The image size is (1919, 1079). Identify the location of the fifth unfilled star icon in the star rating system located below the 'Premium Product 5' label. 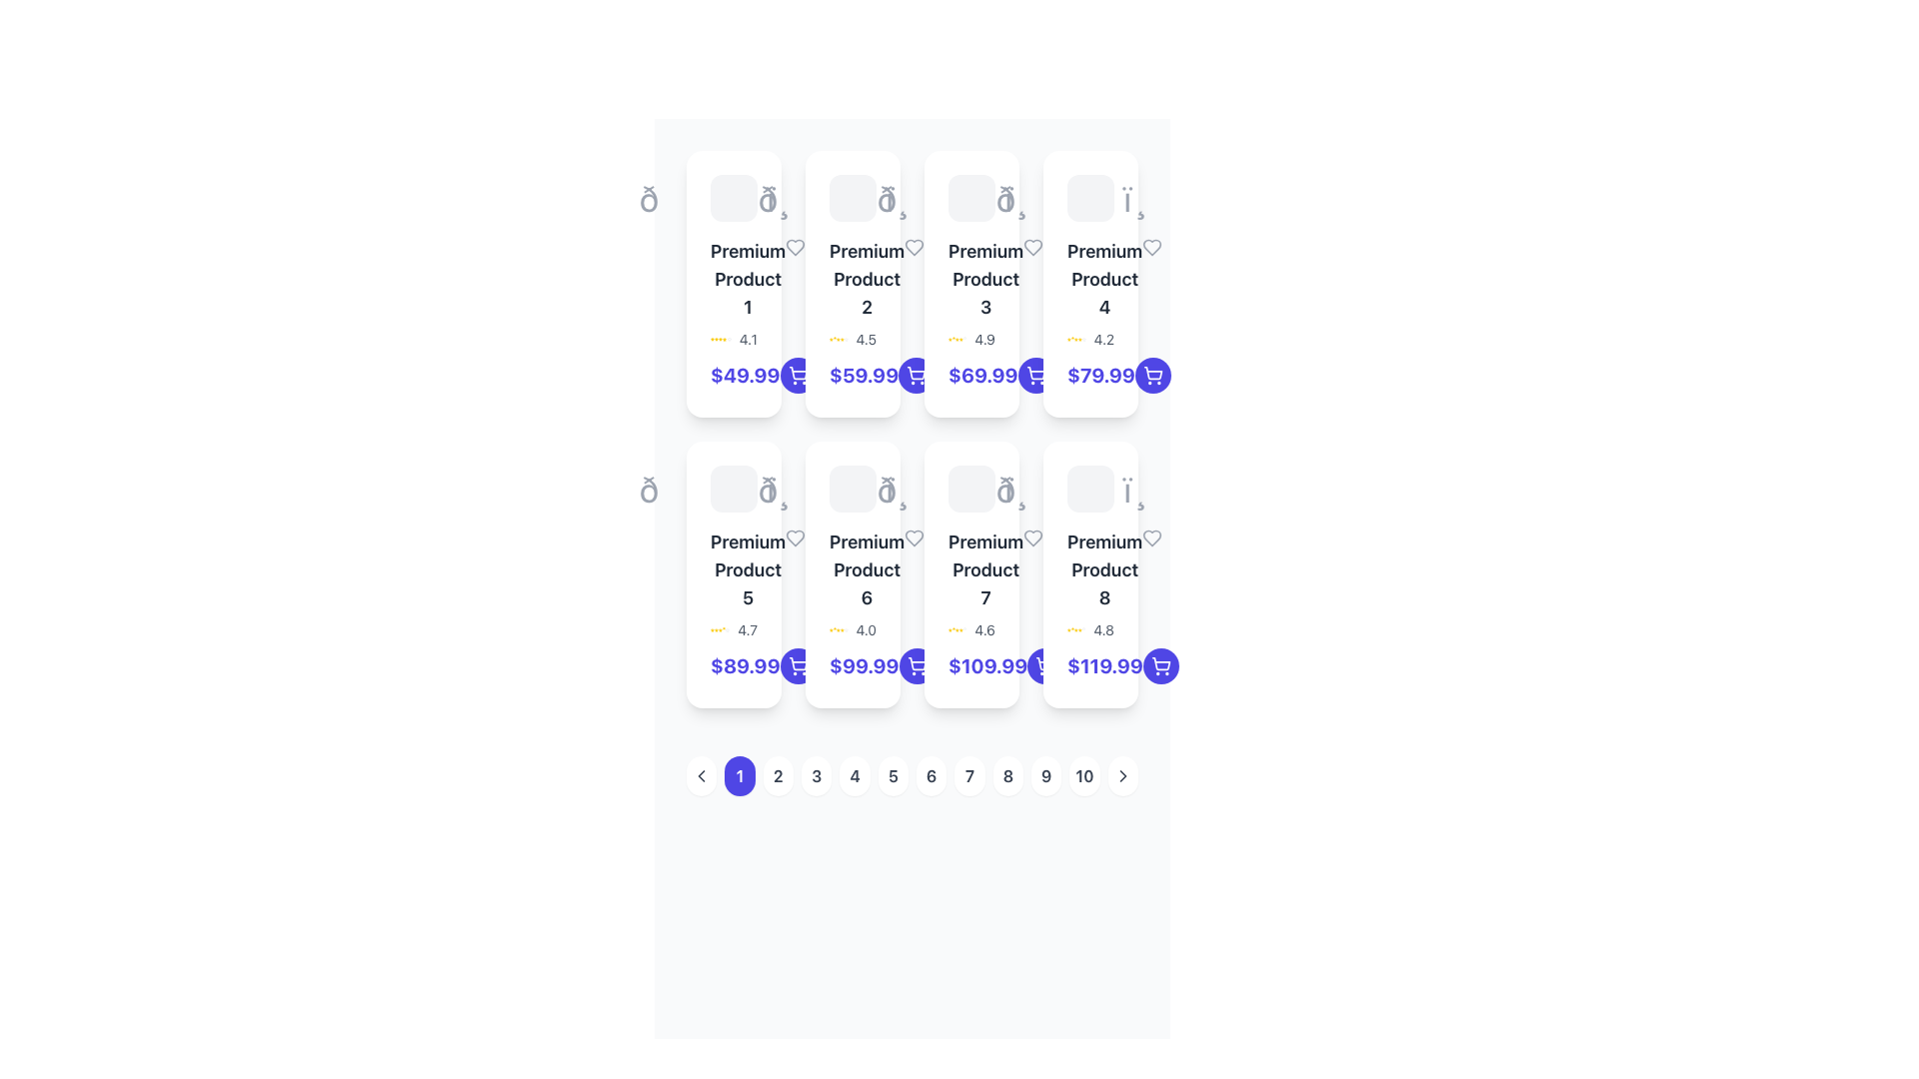
(727, 630).